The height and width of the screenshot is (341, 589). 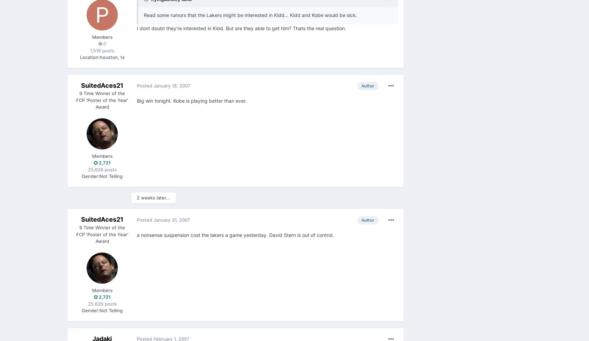 I want to click on 'I dont doubt they're interested in Kidd.  But are they able to get him?  Thats the real question.', so click(x=137, y=27).